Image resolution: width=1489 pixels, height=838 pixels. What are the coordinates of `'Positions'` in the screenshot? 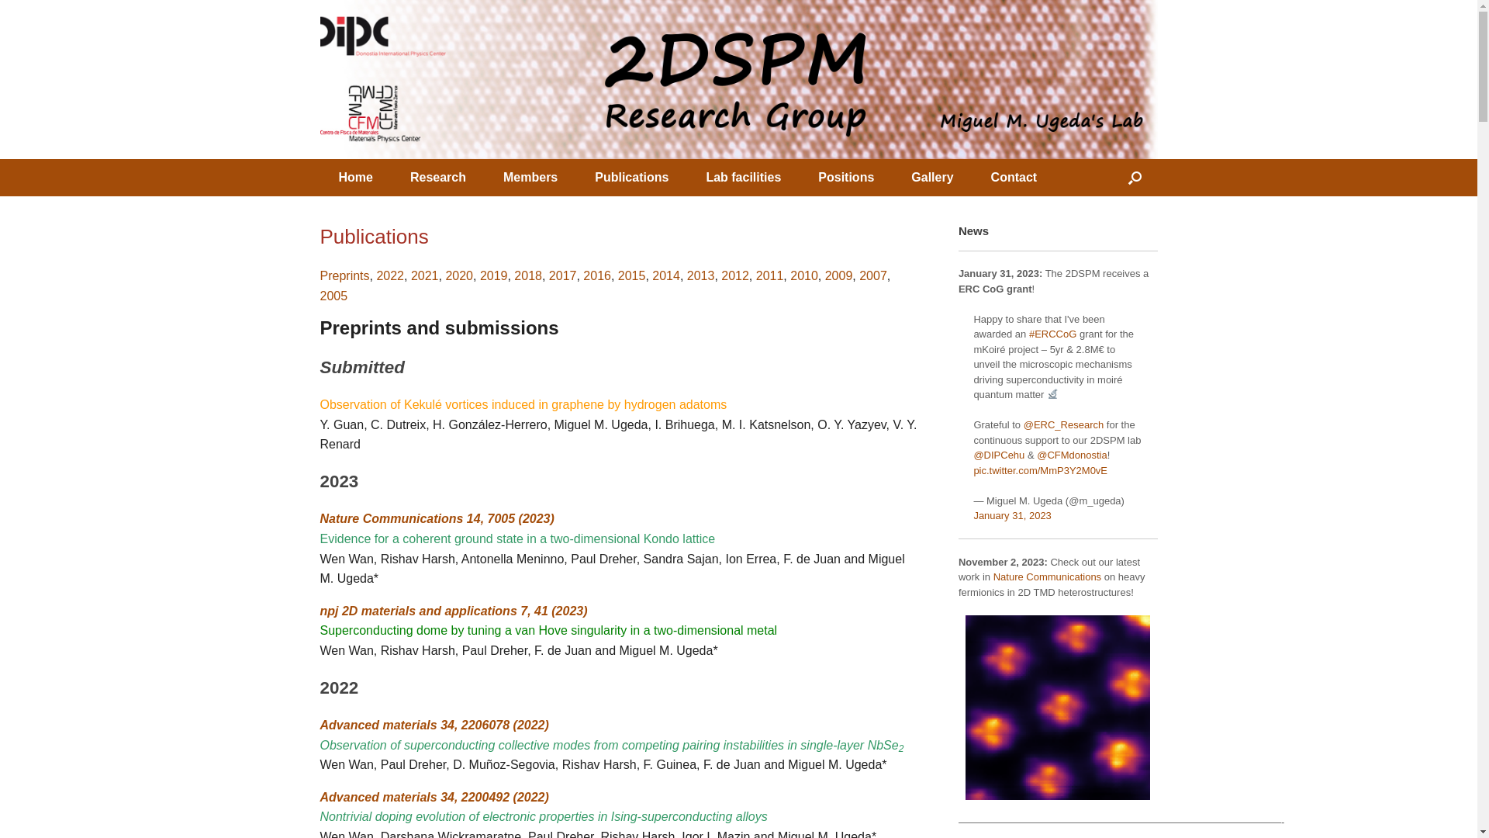 It's located at (845, 176).